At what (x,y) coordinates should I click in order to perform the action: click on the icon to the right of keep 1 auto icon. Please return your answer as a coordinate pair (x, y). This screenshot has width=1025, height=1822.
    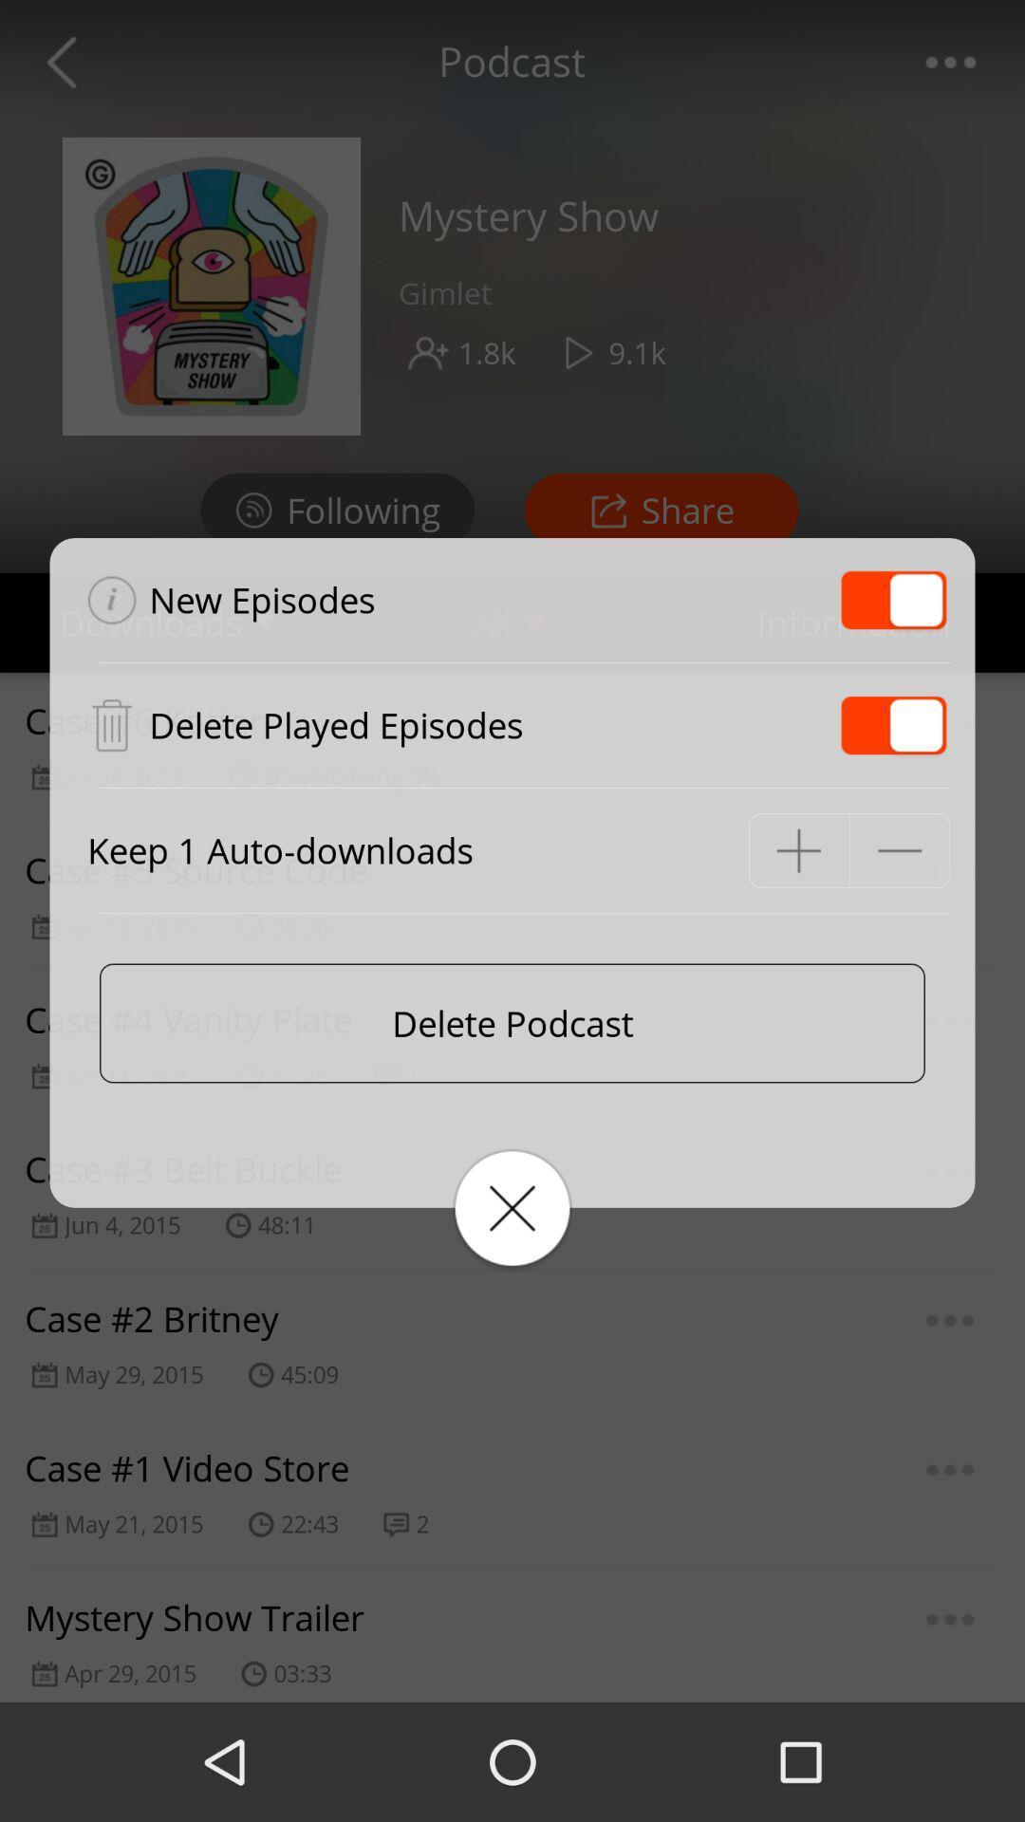
    Looking at the image, I should click on (798, 849).